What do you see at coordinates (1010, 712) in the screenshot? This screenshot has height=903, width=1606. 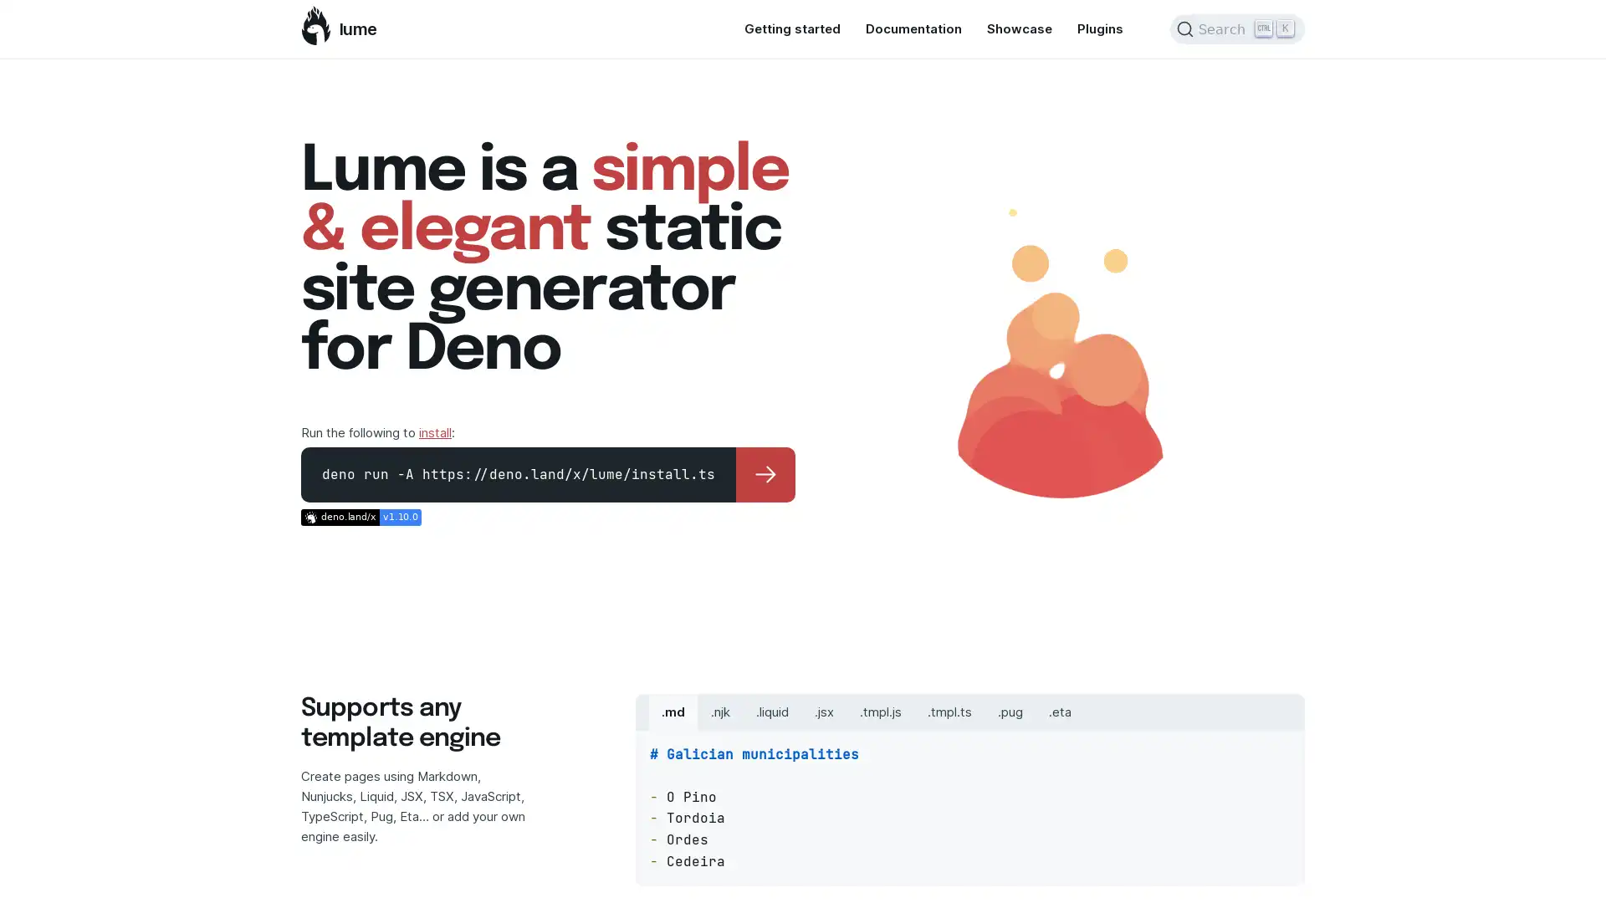 I see `.pug` at bounding box center [1010, 712].